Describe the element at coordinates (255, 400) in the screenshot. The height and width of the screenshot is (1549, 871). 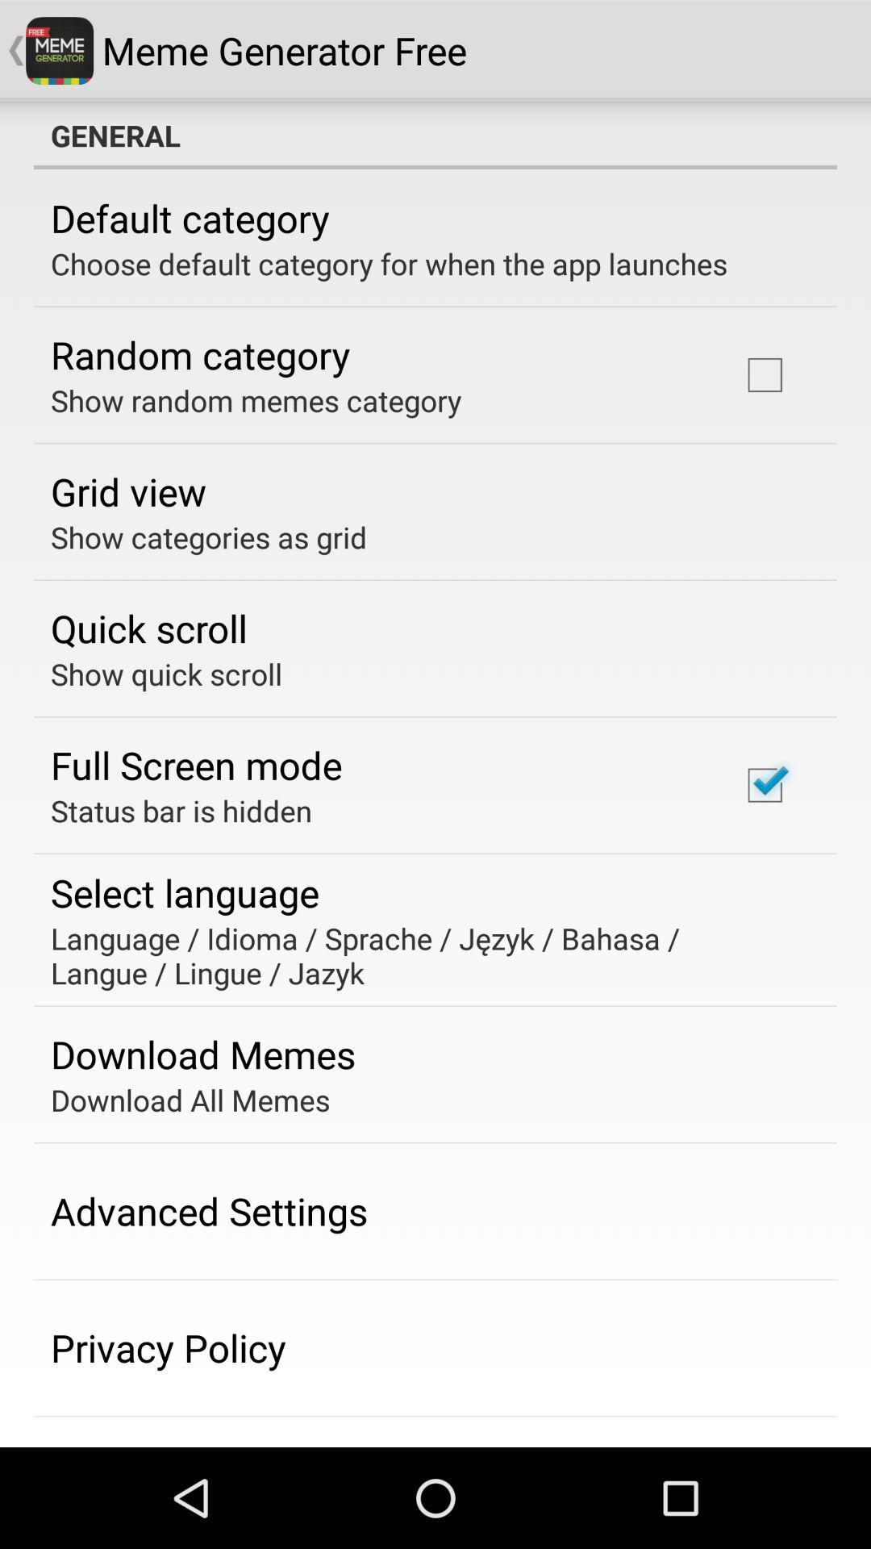
I see `the show random memes item` at that location.